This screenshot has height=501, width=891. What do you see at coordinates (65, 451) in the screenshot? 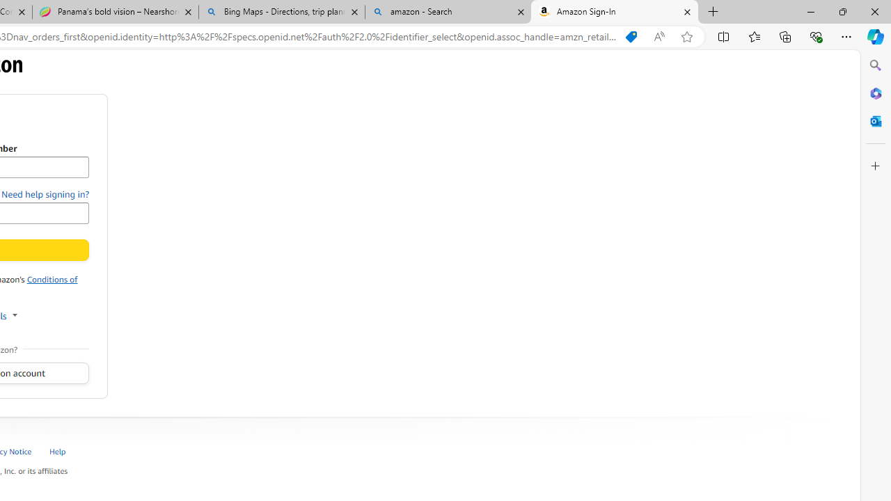
I see `'Help '` at bounding box center [65, 451].